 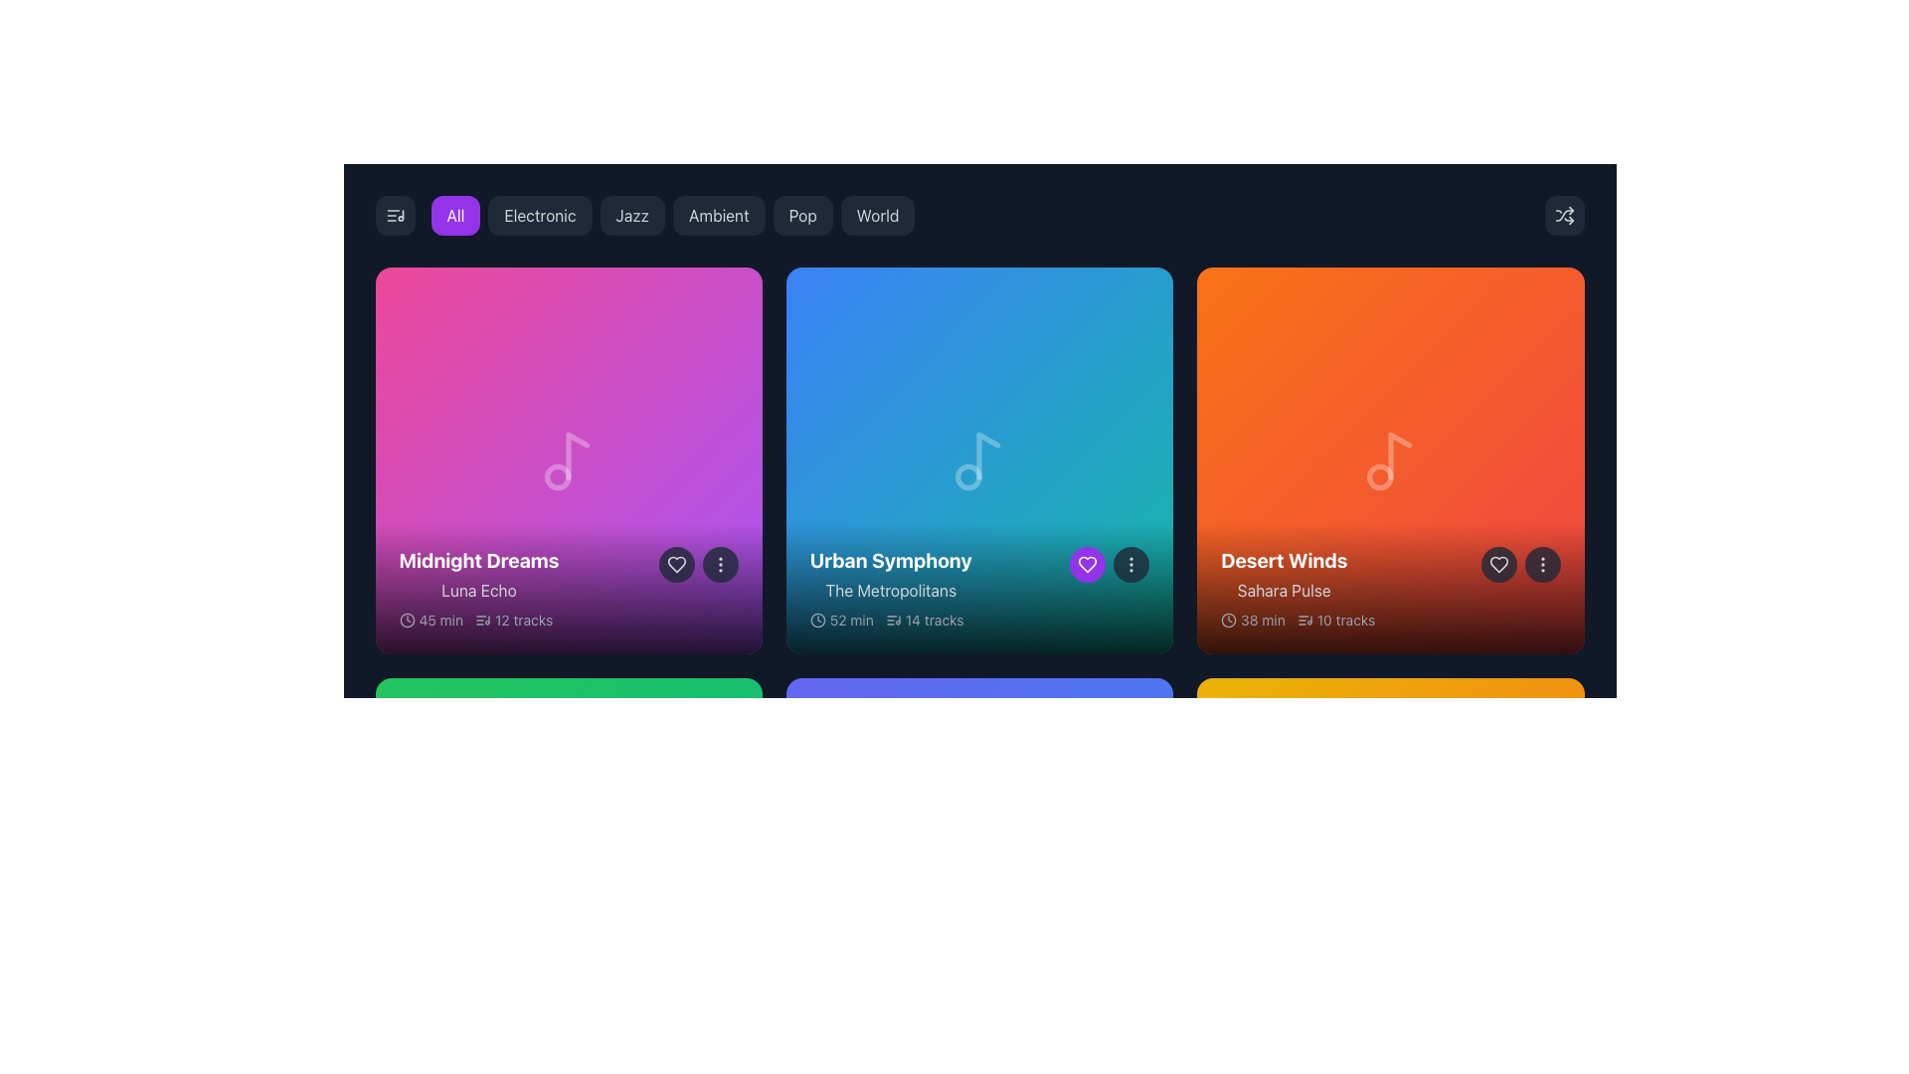 I want to click on total duration displayed in the Label with decorative icon located beneath the title 'Midnight Dreams' and the subtitle 'Luna Echo' in the first card of the grid layout, so click(x=430, y=620).